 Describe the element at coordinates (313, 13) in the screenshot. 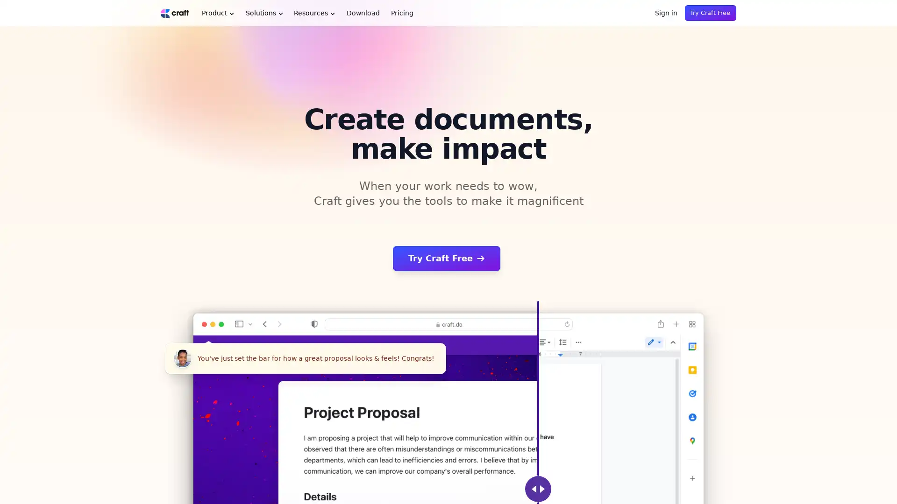

I see `Resources` at that location.